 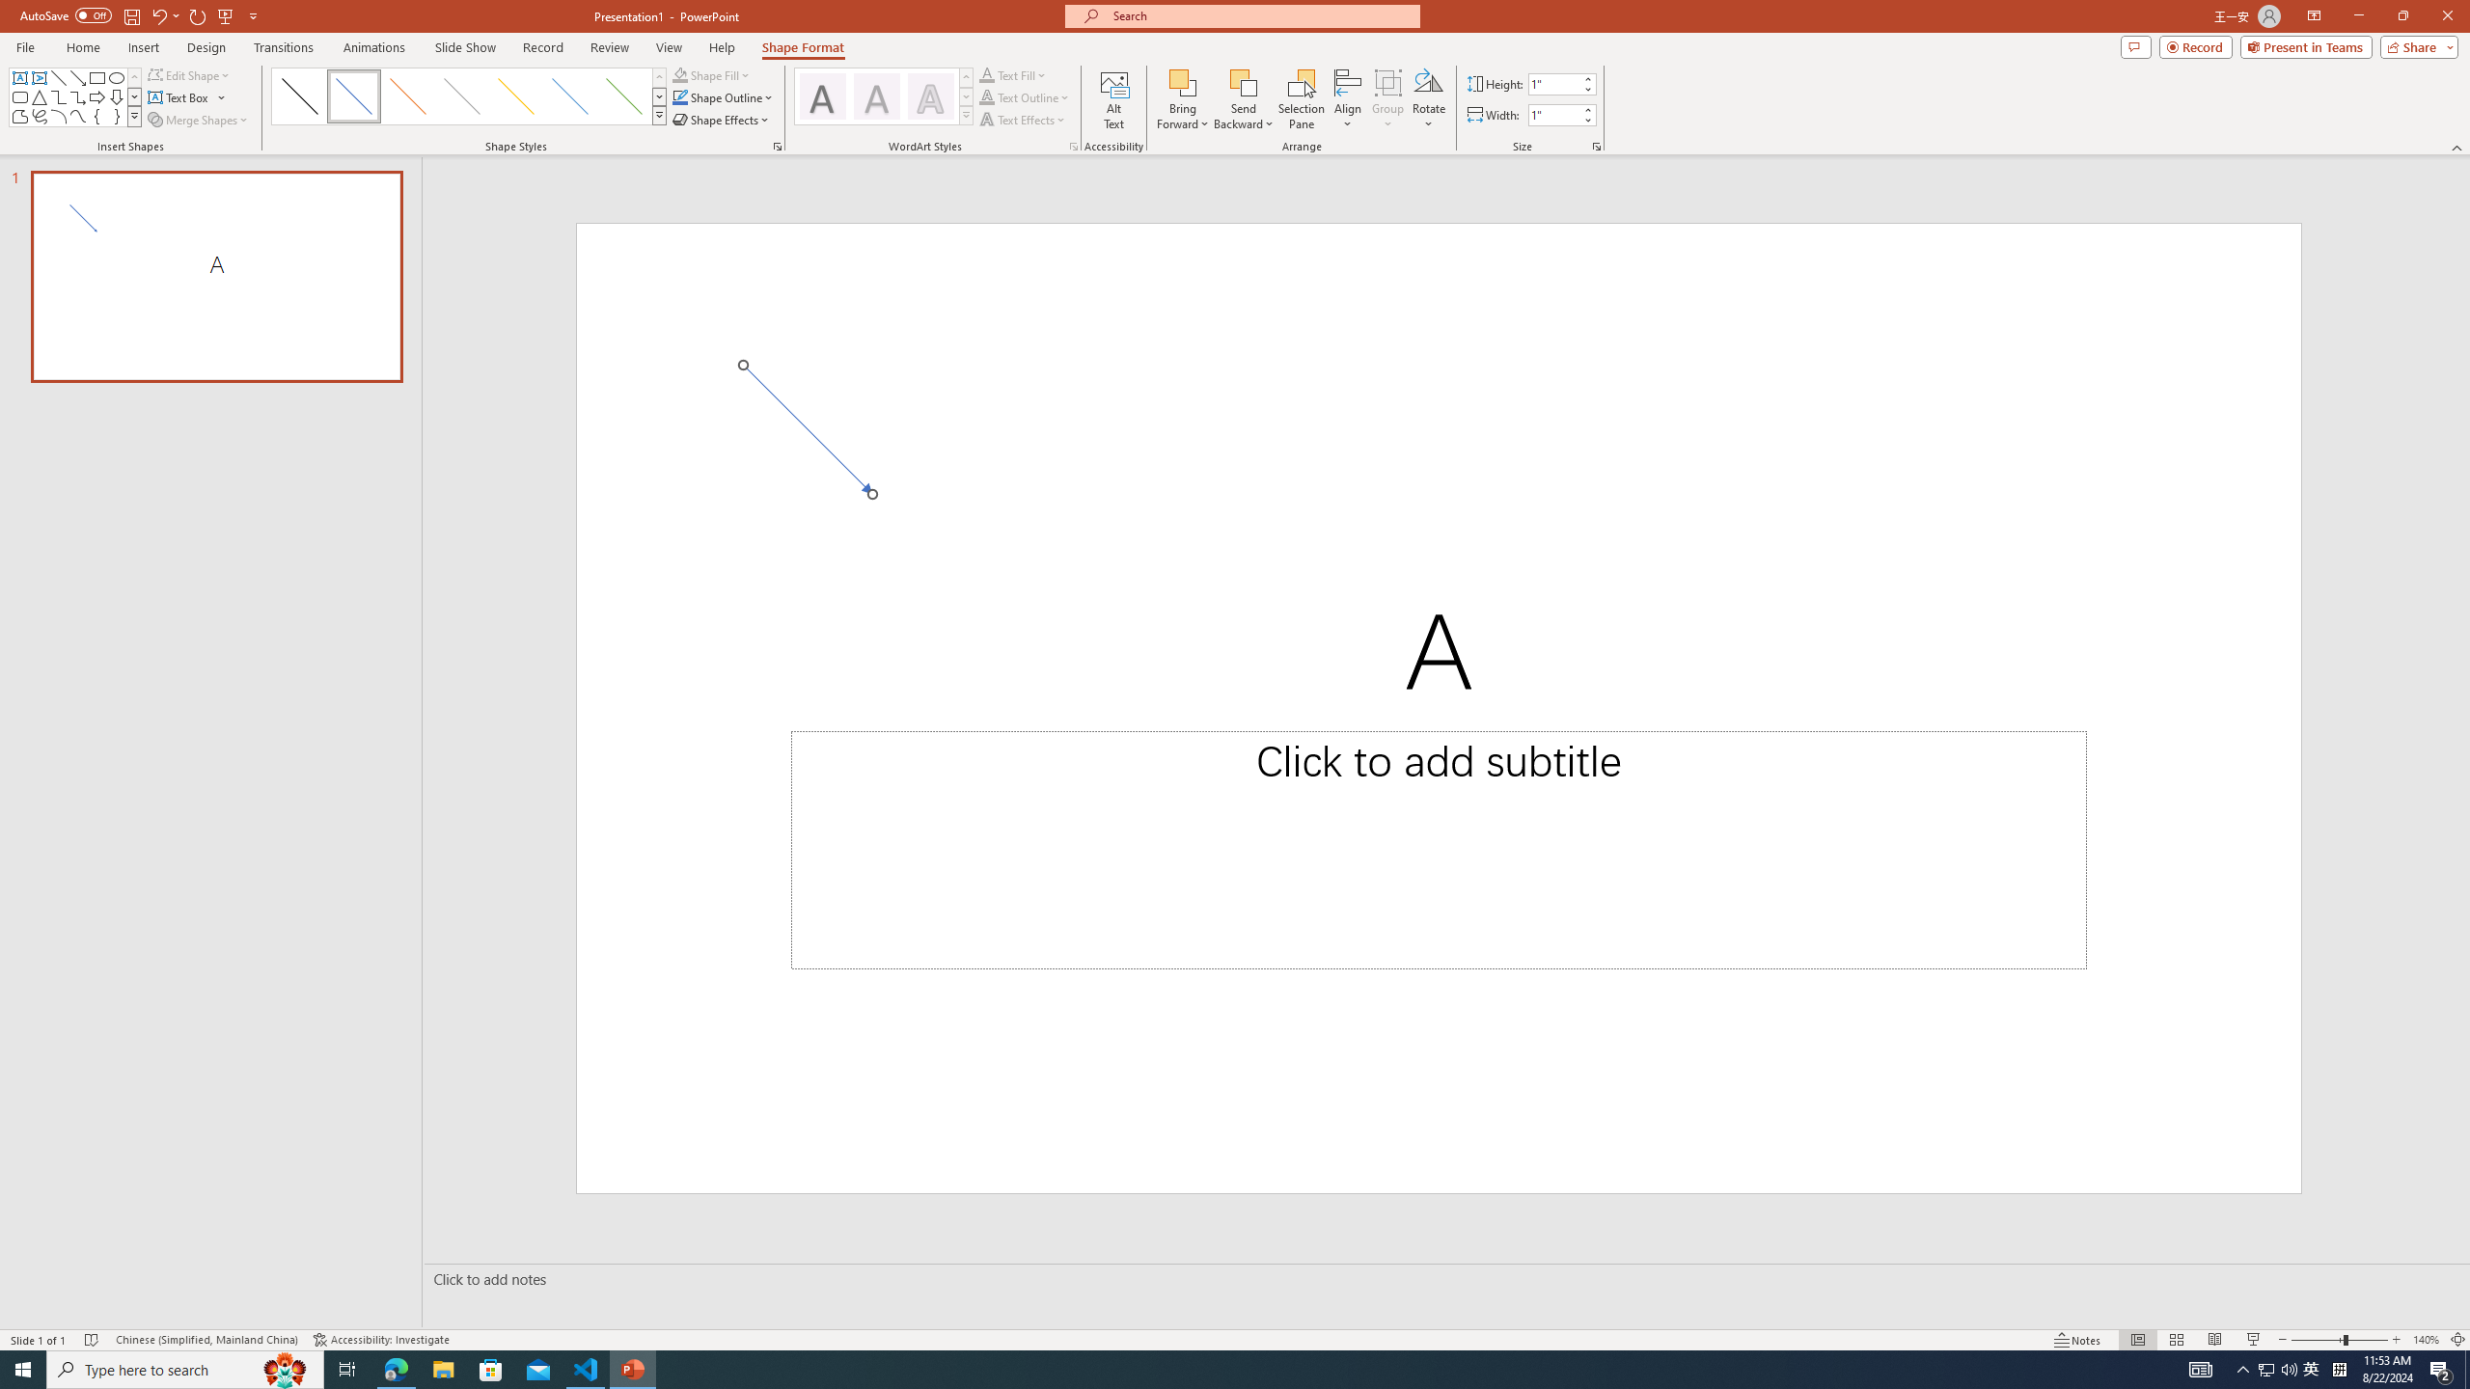 I want to click on 'Merge Shapes', so click(x=200, y=118).